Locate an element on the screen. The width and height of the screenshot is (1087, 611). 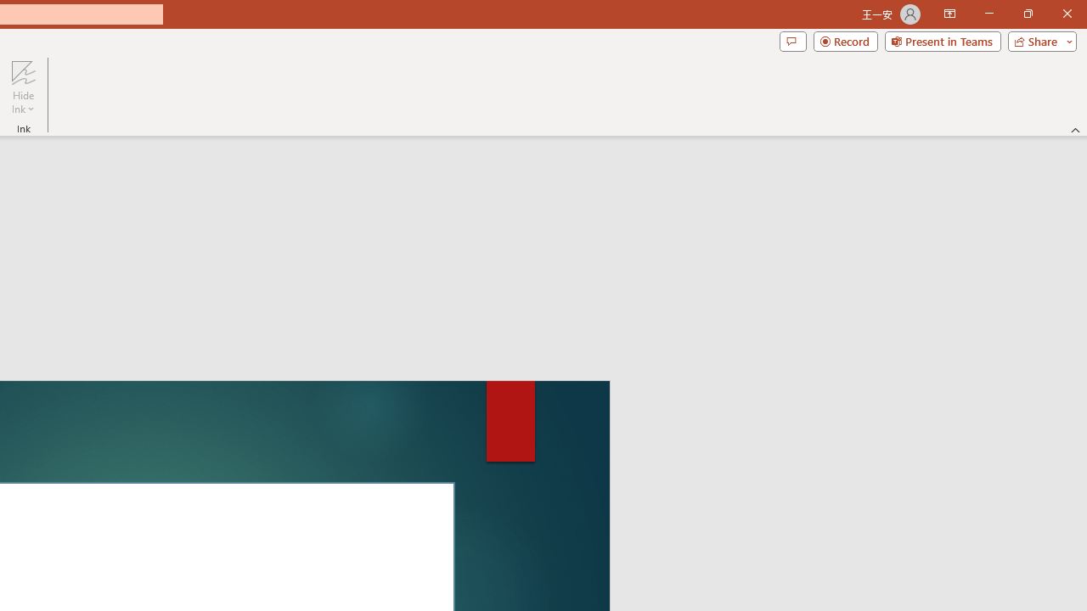
'More Options' is located at coordinates (23, 103).